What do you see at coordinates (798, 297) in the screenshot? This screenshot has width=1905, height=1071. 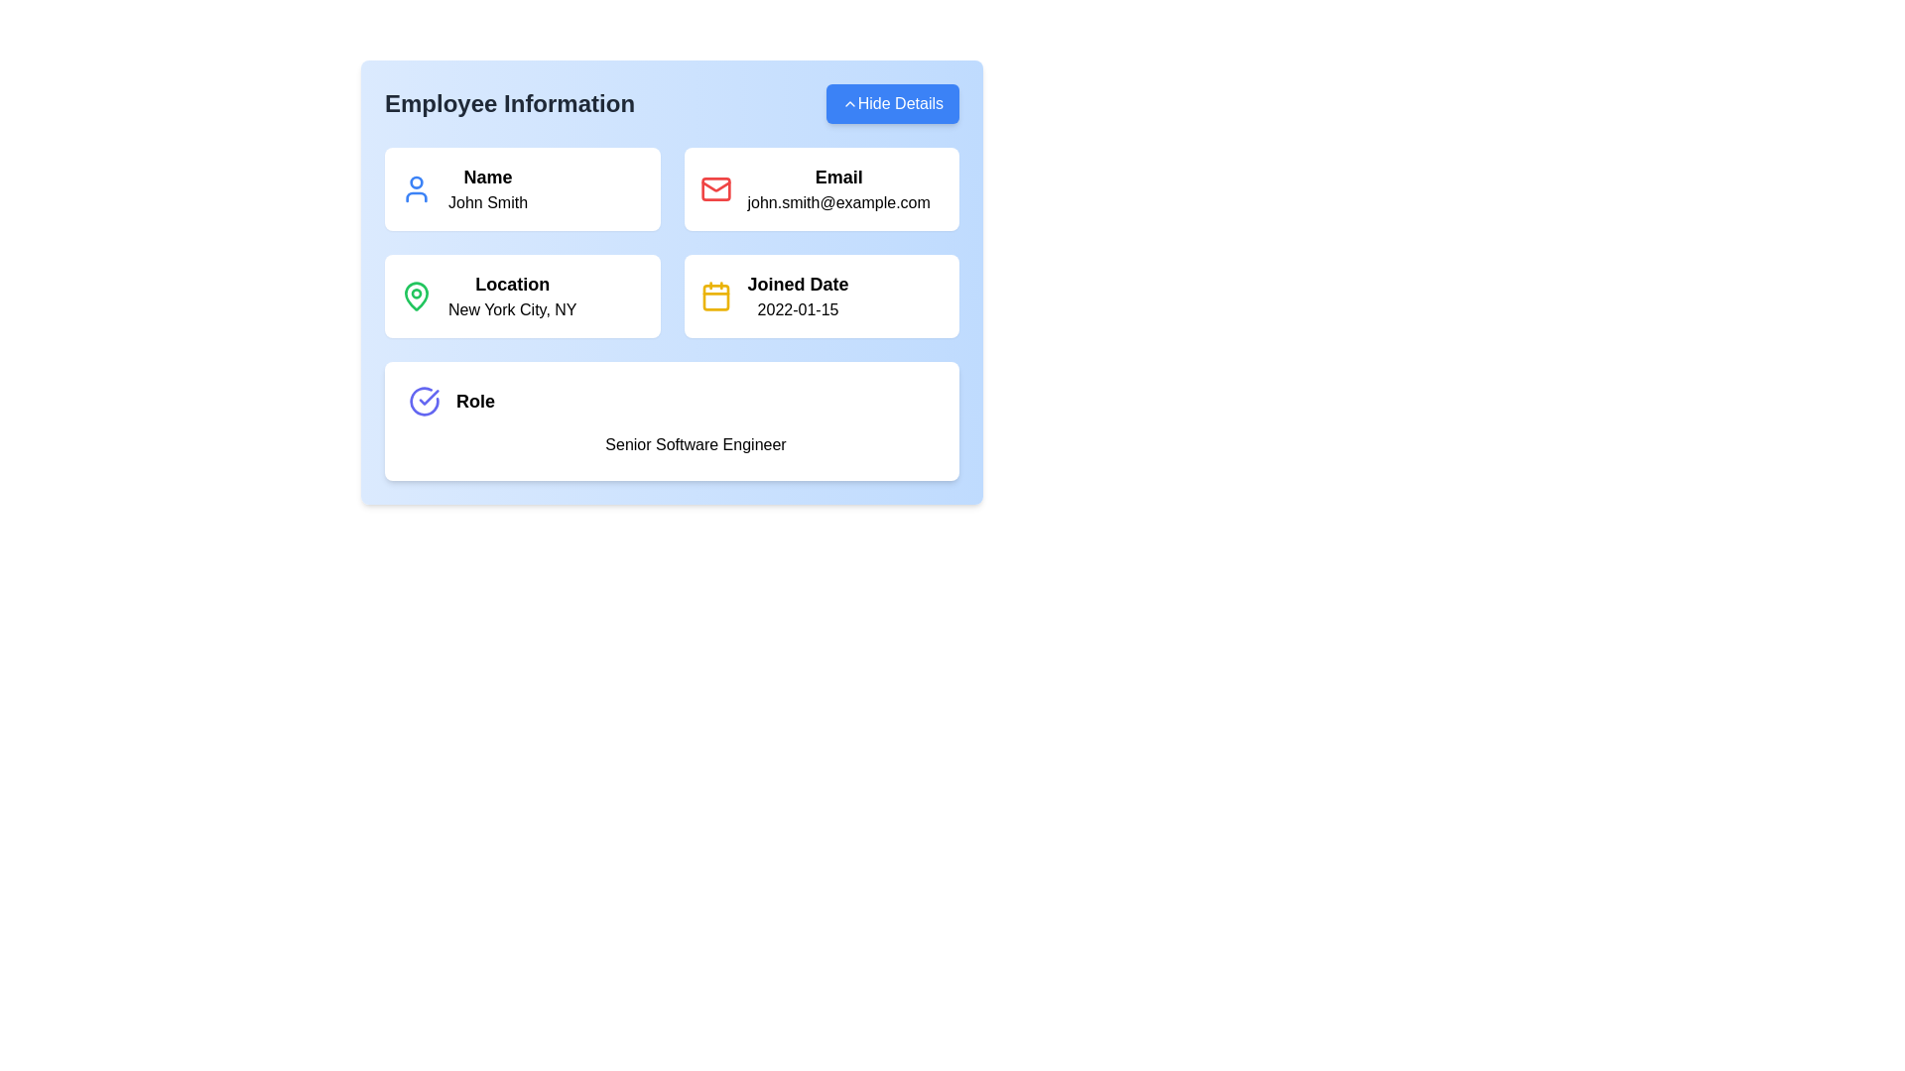 I see `text field labeled 'Joined Date' which displays the date '2022-01-15', located in the bottom-right subsection of the Employee Information panel` at bounding box center [798, 297].